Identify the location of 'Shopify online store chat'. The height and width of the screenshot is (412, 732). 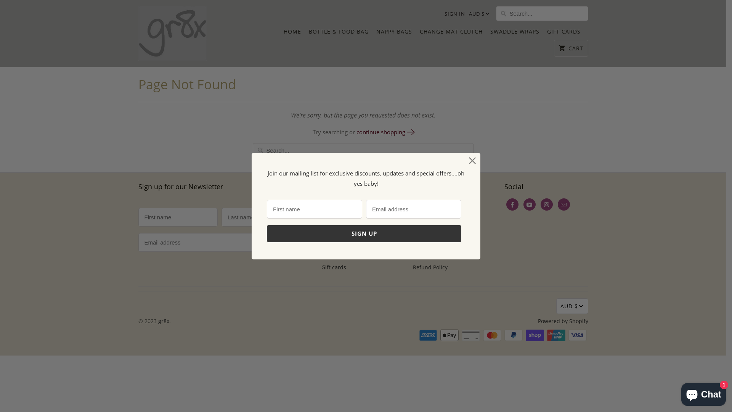
(703, 393).